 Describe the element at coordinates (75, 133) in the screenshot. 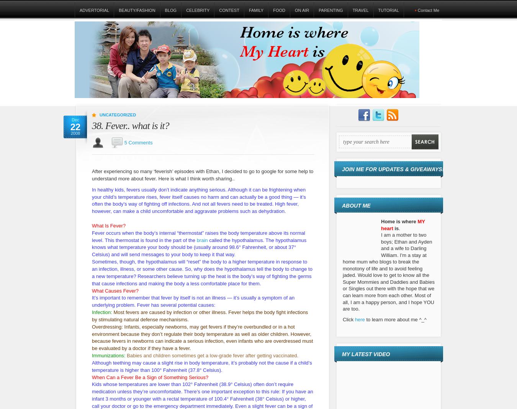

I see `'2008'` at that location.